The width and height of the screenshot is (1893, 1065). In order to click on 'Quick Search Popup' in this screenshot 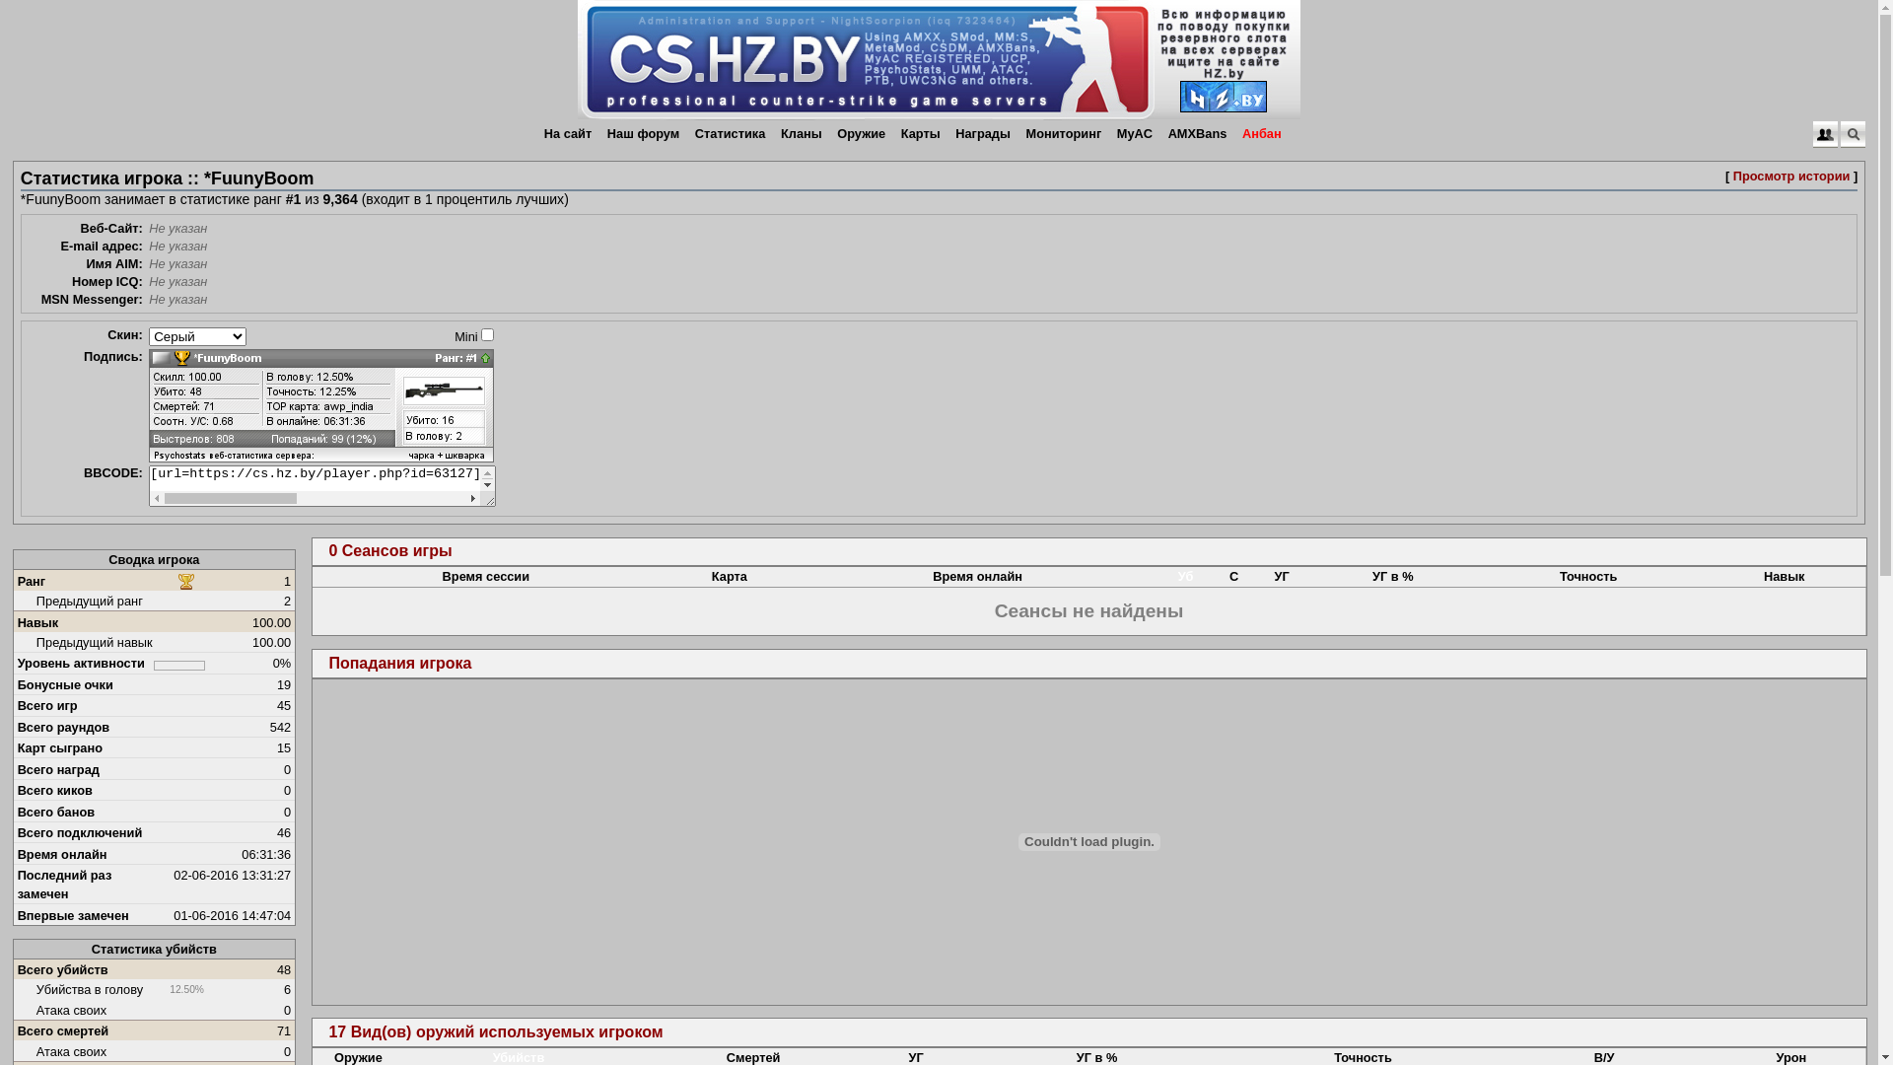, I will do `click(1852, 133)`.